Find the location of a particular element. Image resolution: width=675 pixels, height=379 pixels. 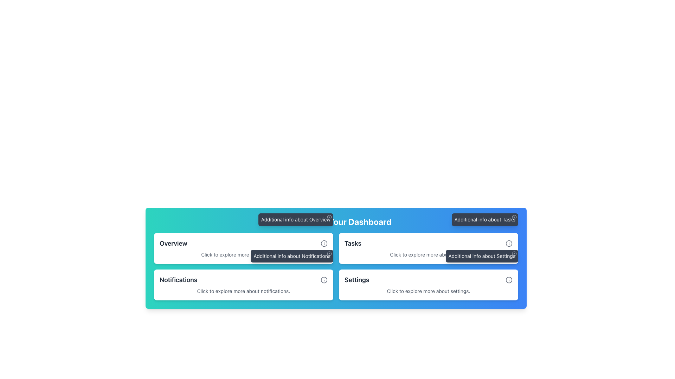

the Close button, a small circular icon with a cross symbol, located at the top-right corner of the tooltip labeled 'Additional info about Notifications' is located at coordinates (329, 253).